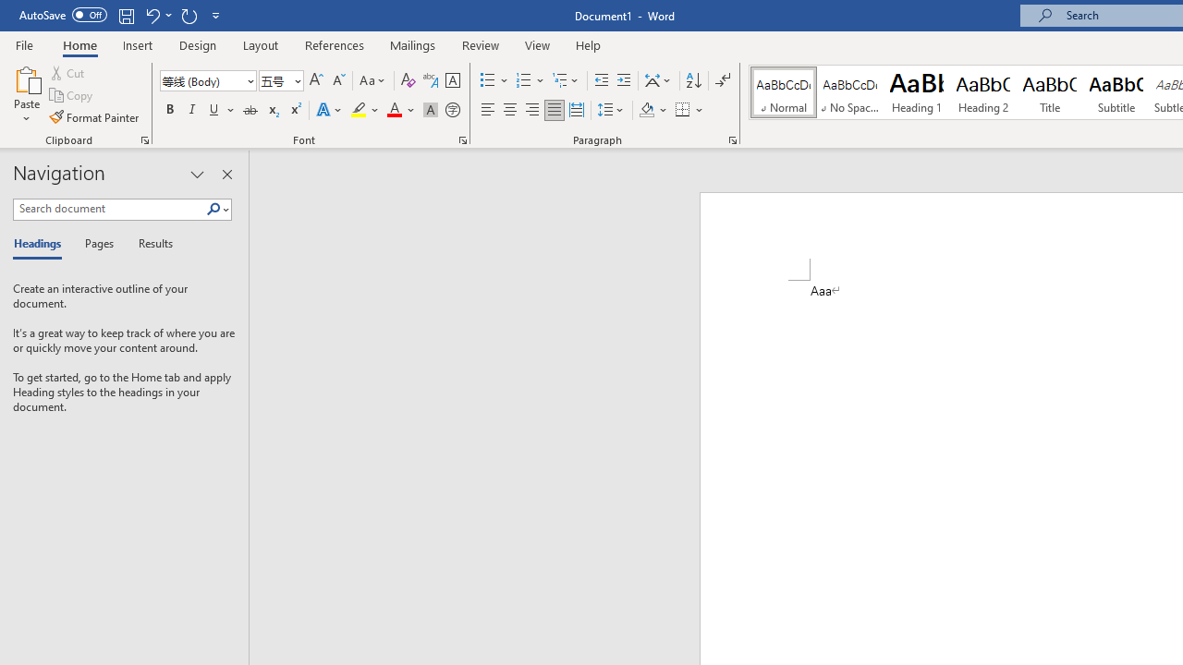  What do you see at coordinates (731, 139) in the screenshot?
I see `'Paragraph...'` at bounding box center [731, 139].